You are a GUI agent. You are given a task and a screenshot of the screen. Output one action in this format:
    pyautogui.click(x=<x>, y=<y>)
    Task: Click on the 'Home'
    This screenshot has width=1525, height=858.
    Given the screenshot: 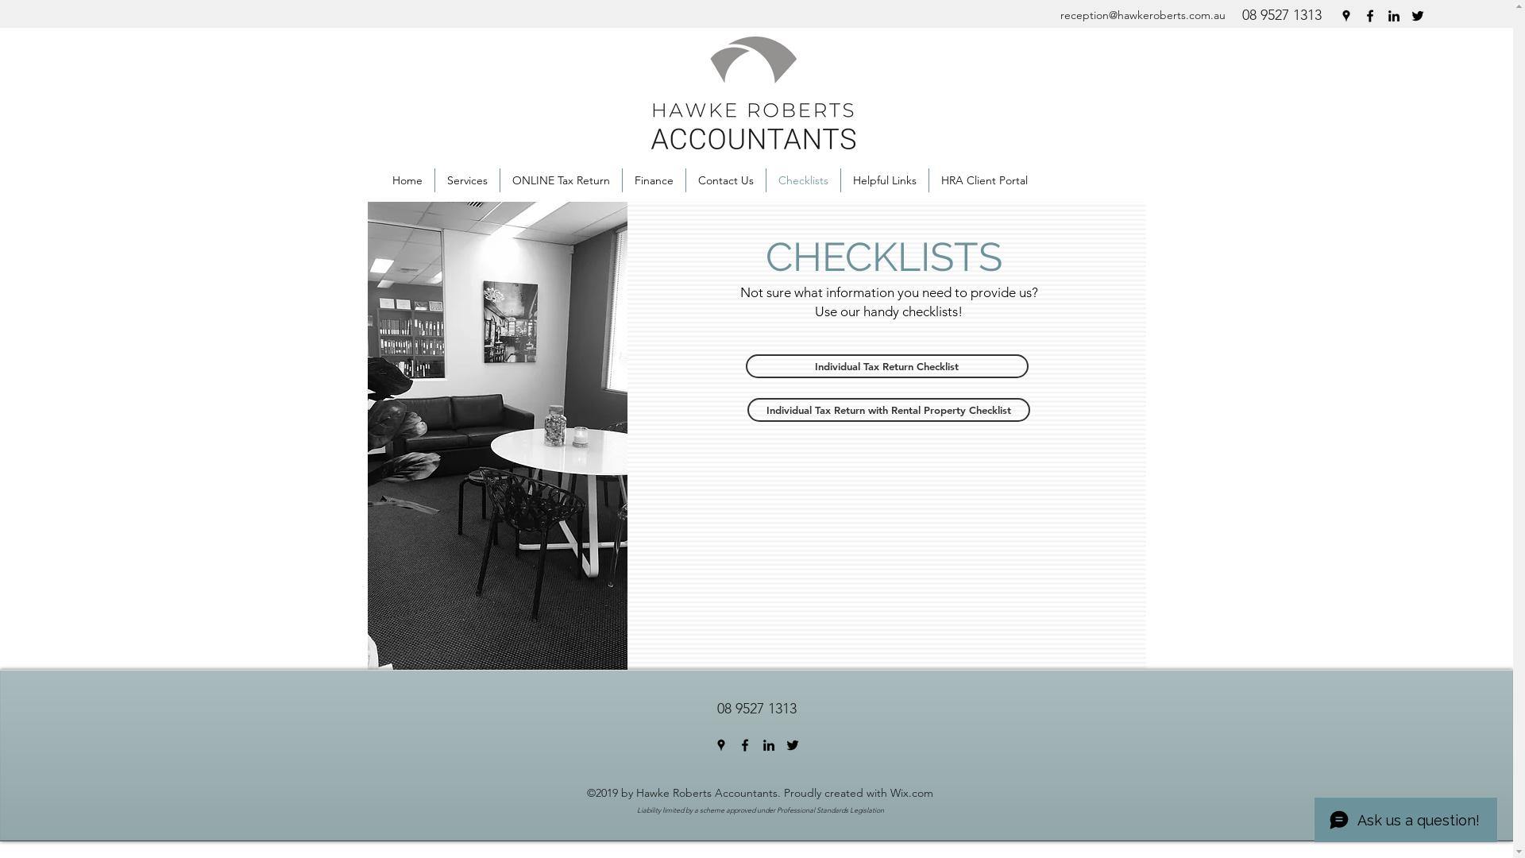 What is the action you would take?
    pyautogui.click(x=407, y=180)
    